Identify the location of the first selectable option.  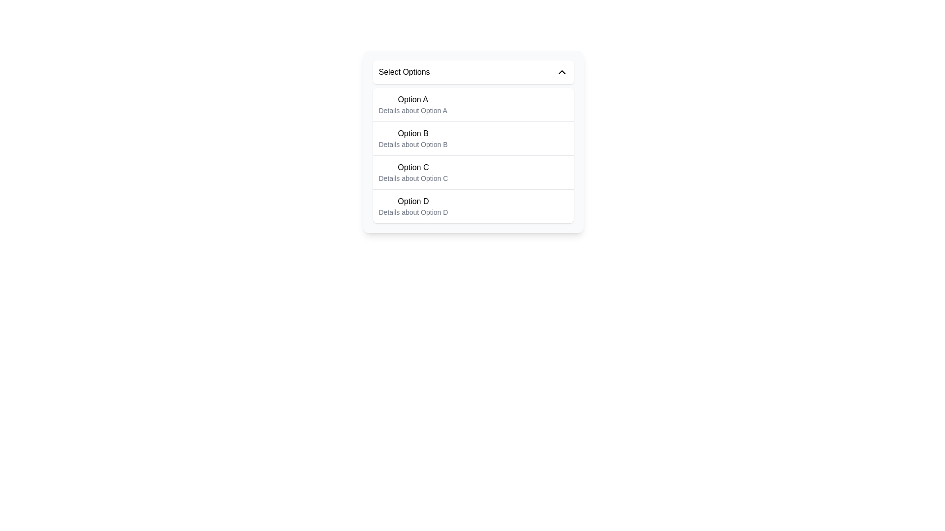
(413, 104).